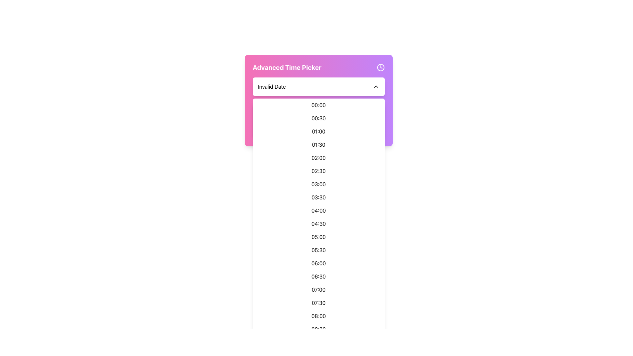  I want to click on the time-related icon in the top-right corner of the 'Advanced Time Picker' header bar, so click(380, 67).